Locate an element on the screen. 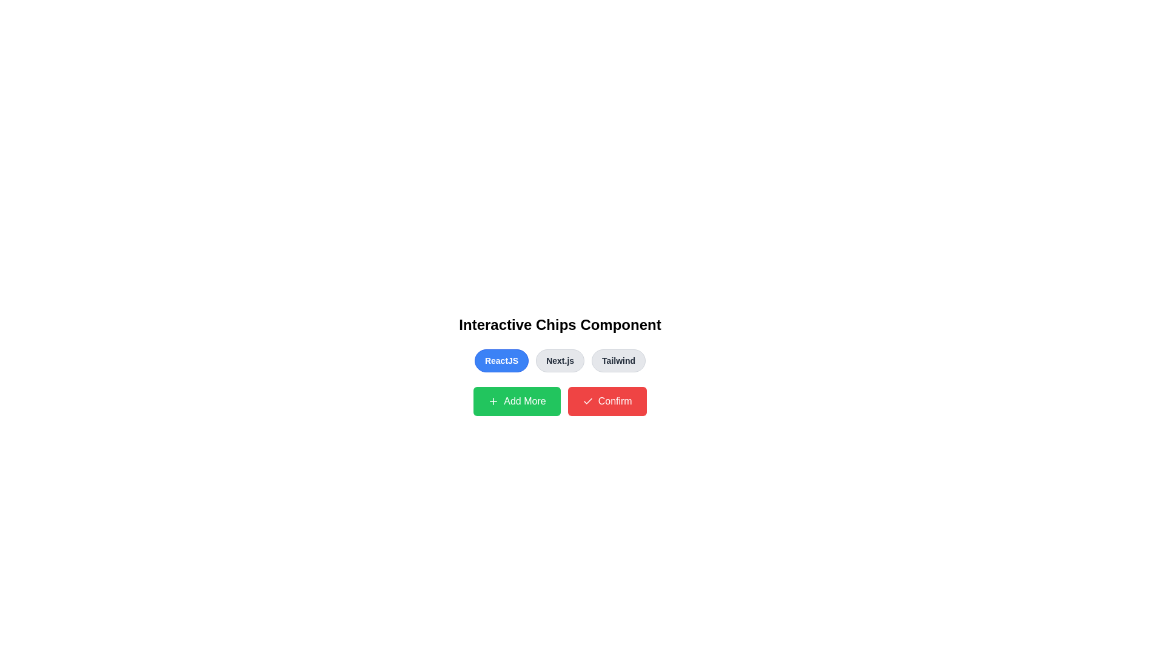 This screenshot has height=655, width=1164. the button labeled Next.js to observe its hover effect is located at coordinates (560, 360).